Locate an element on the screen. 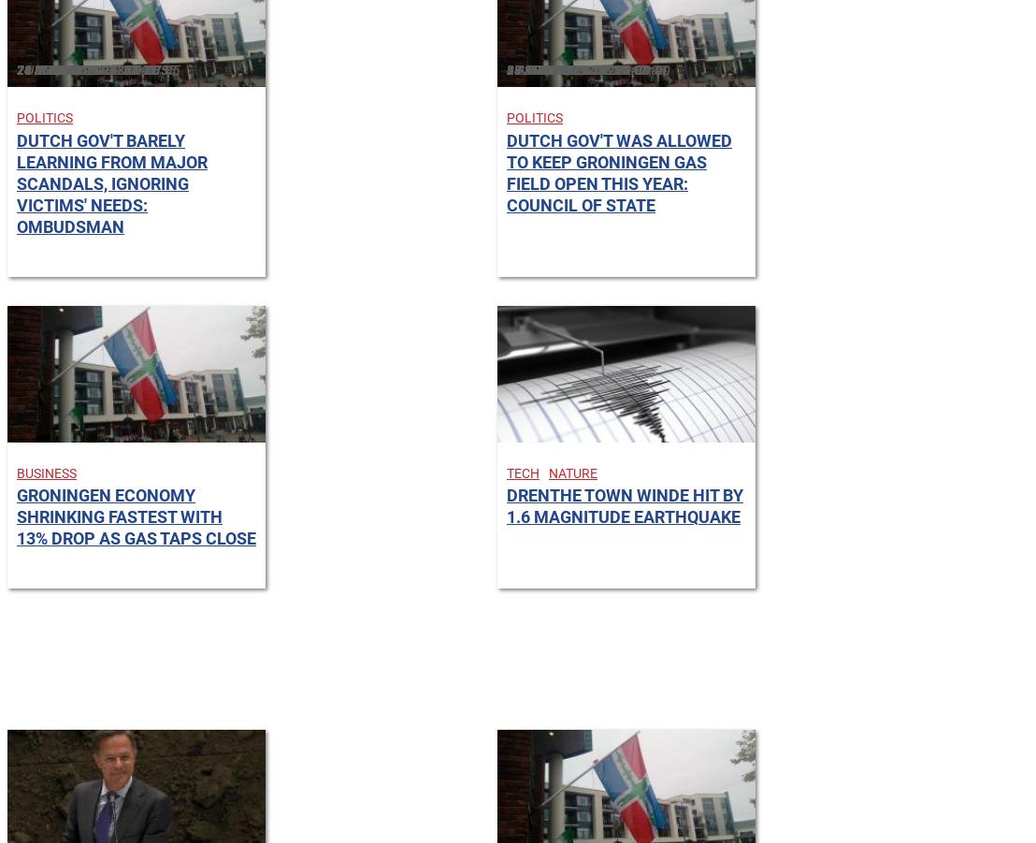 The width and height of the screenshot is (1036, 843). '10 March 2023 - 18:19' is located at coordinates (85, 69).